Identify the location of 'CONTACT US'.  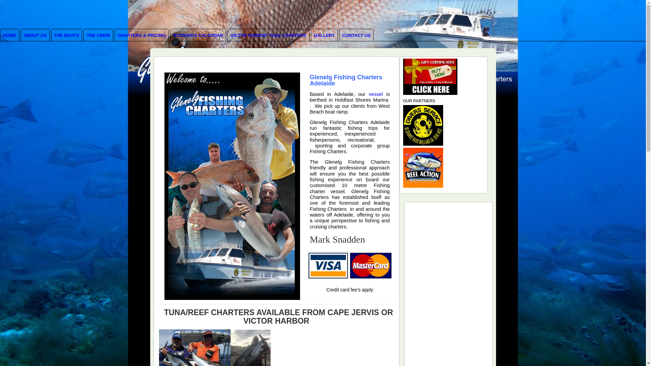
(356, 35).